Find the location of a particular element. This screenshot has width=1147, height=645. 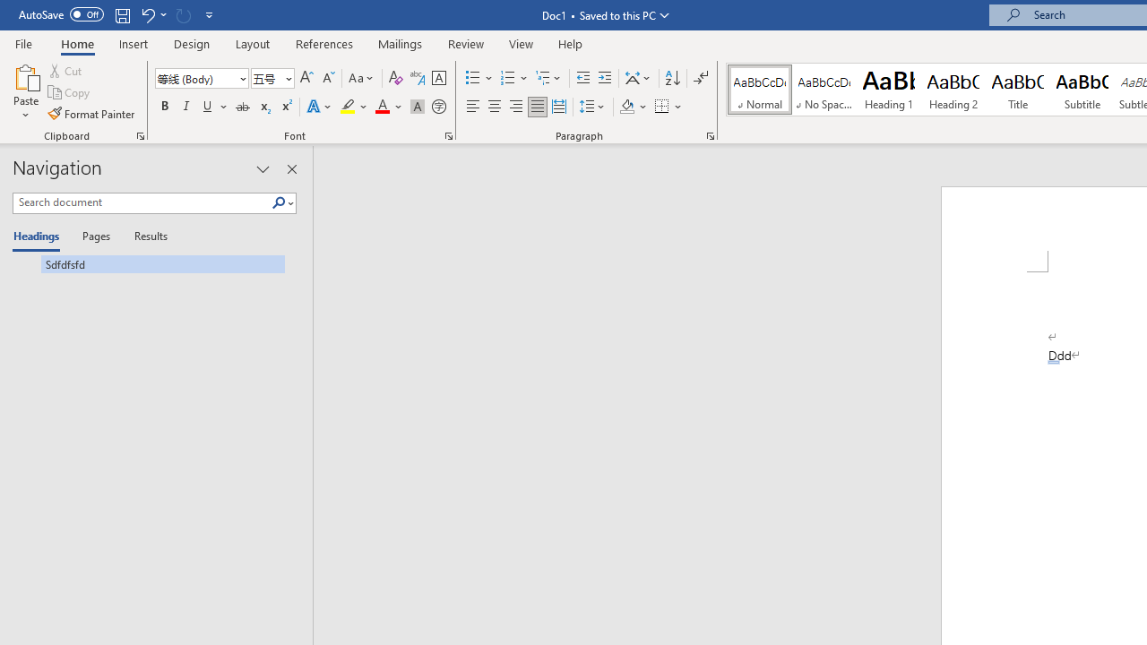

'Line and Paragraph Spacing' is located at coordinates (592, 107).